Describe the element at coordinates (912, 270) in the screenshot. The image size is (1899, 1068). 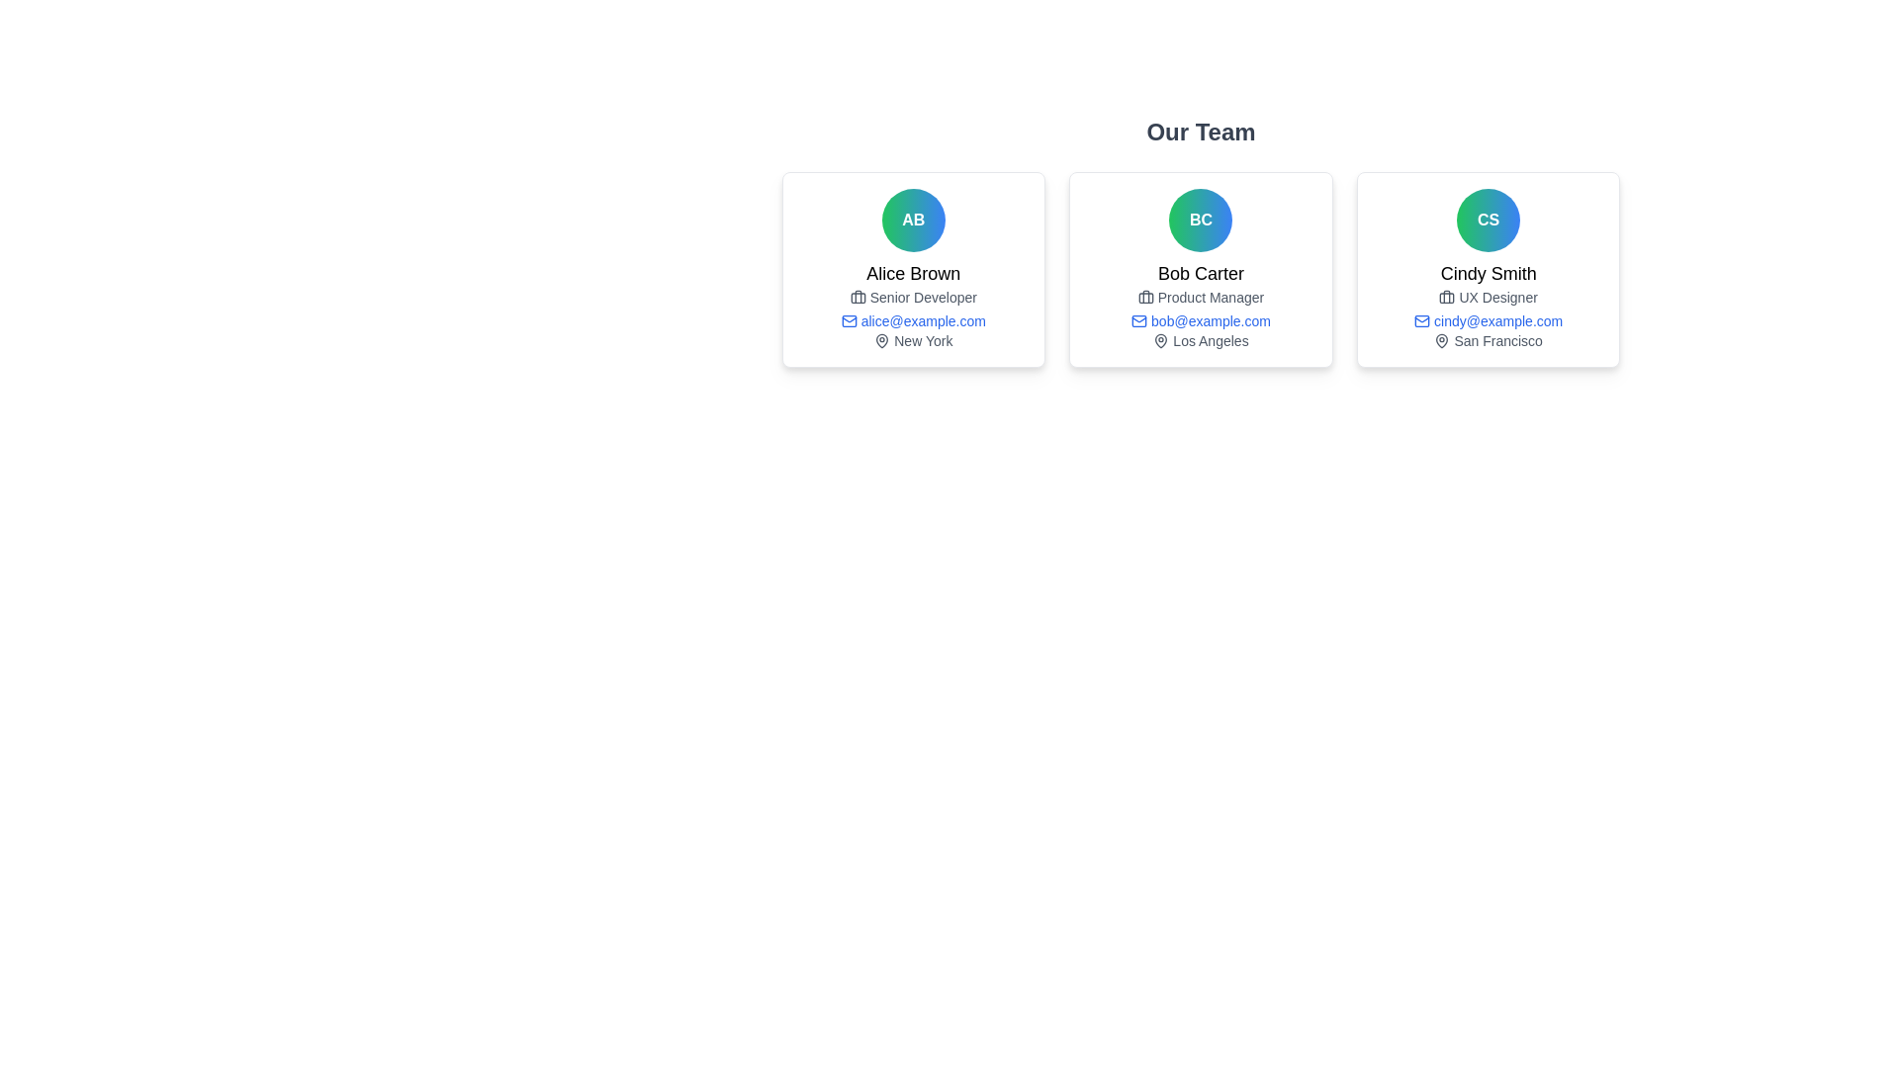
I see `the User profile card displaying team member information, which is the first card in a row of three under the 'Our Team' title` at that location.